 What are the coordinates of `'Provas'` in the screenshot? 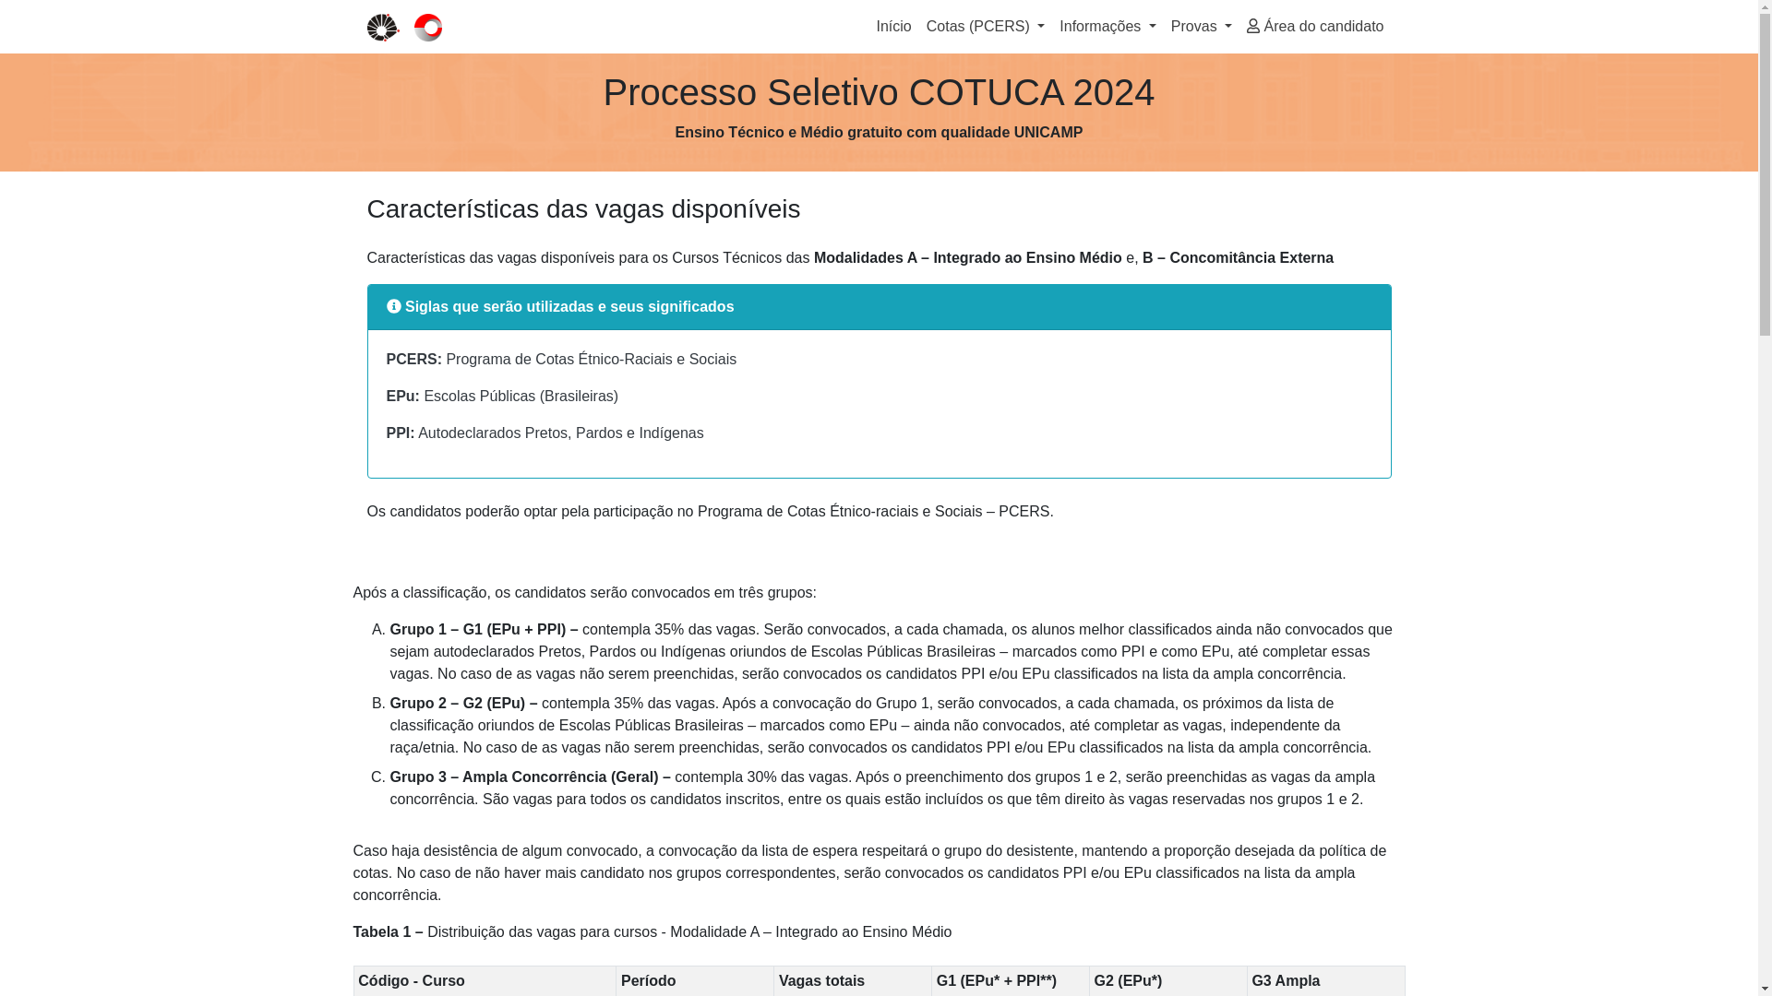 It's located at (1163, 27).